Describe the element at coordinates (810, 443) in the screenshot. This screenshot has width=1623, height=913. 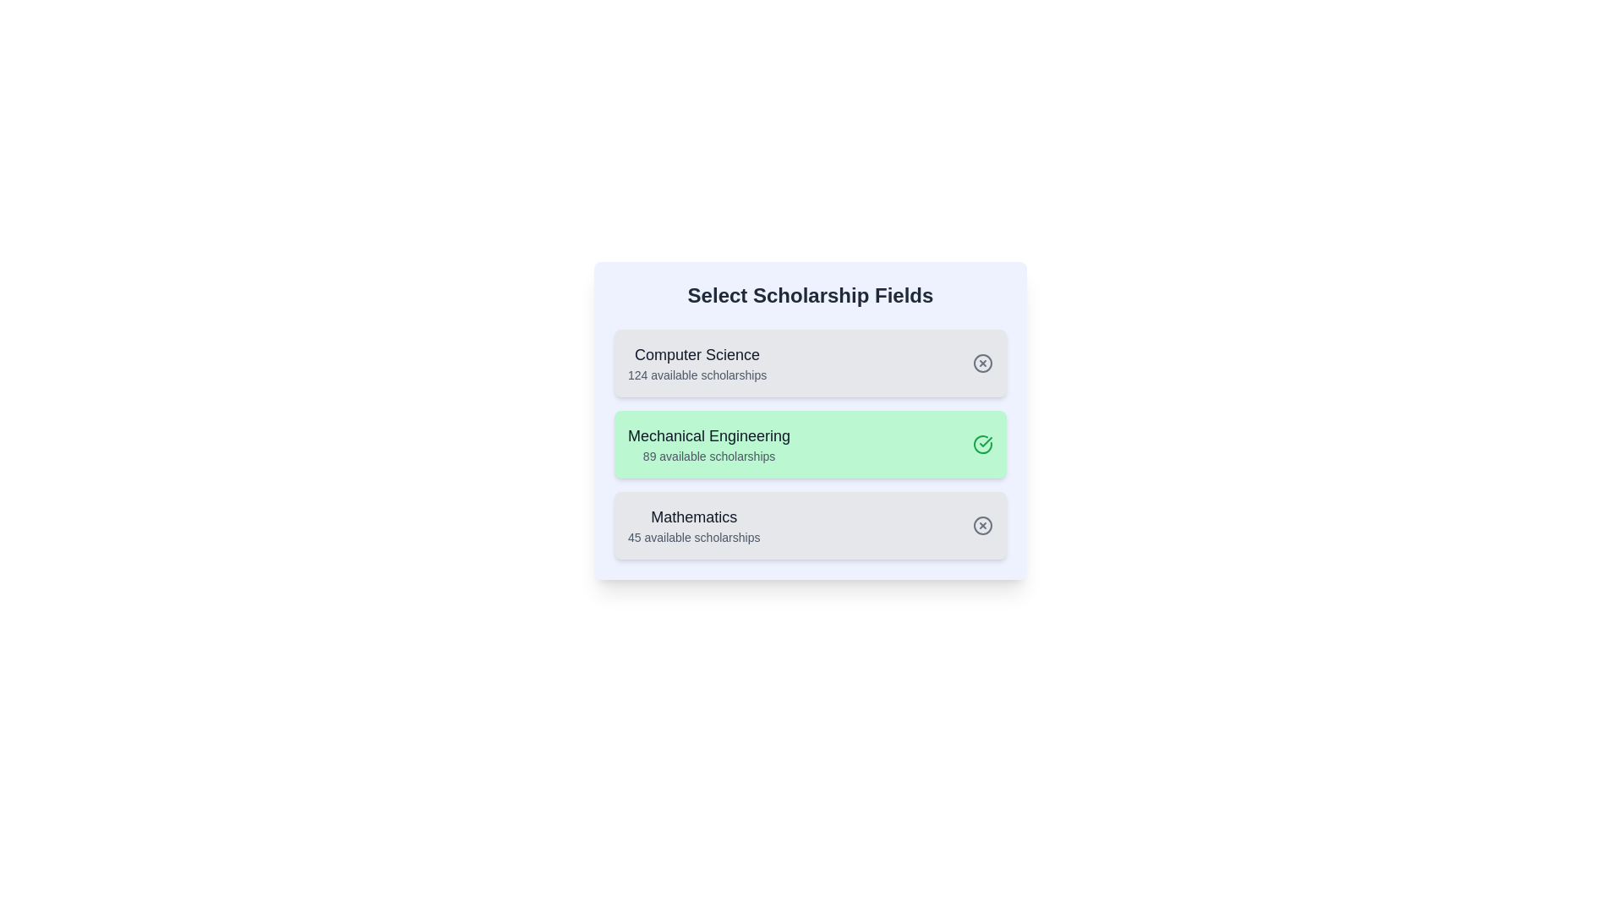
I see `the field Mechanical Engineering by clicking on its card` at that location.